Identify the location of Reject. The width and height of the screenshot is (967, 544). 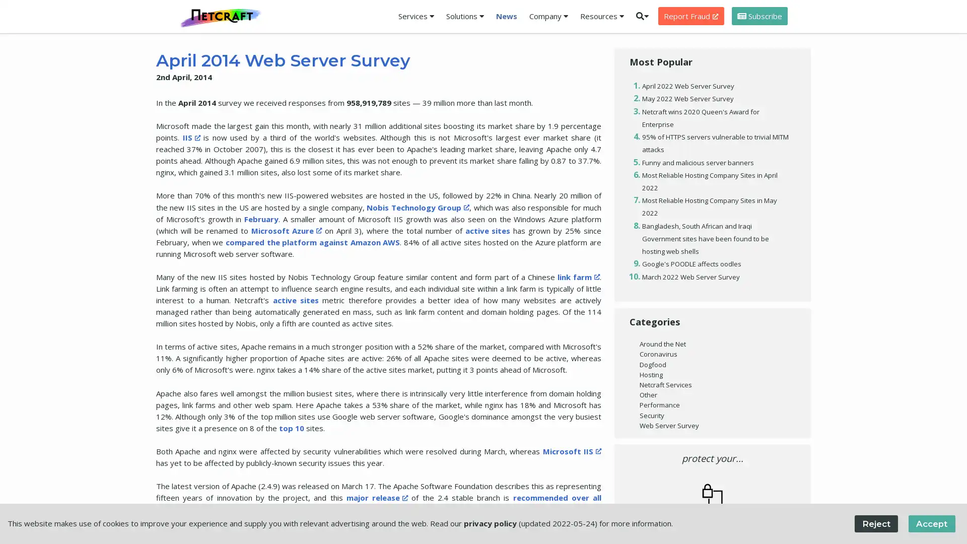
(875, 523).